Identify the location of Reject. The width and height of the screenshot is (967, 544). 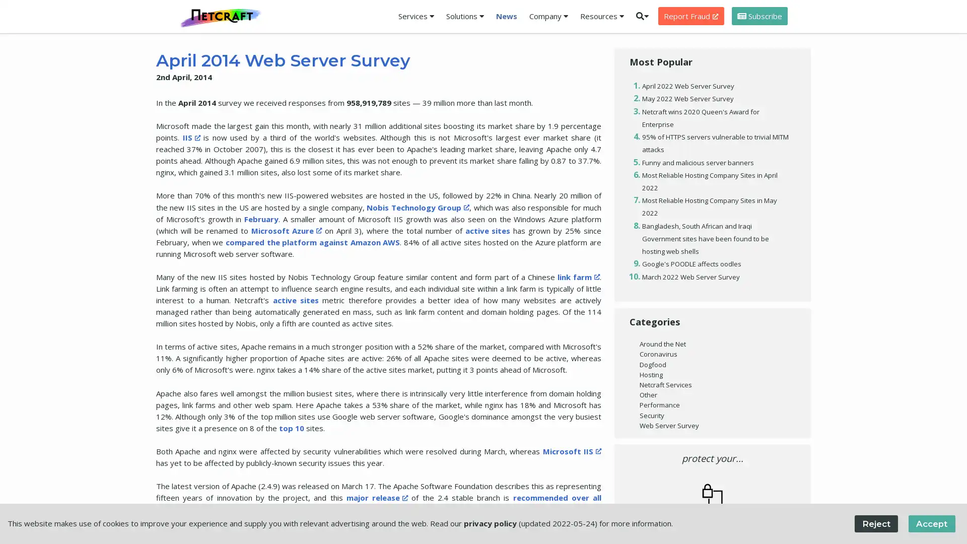
(875, 523).